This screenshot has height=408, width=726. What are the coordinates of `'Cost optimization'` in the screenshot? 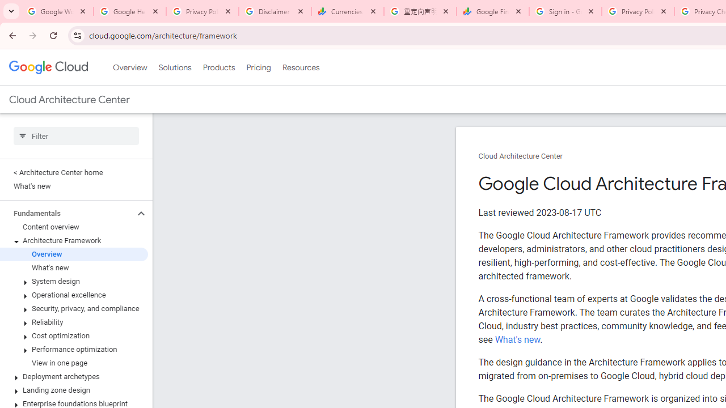 It's located at (73, 335).